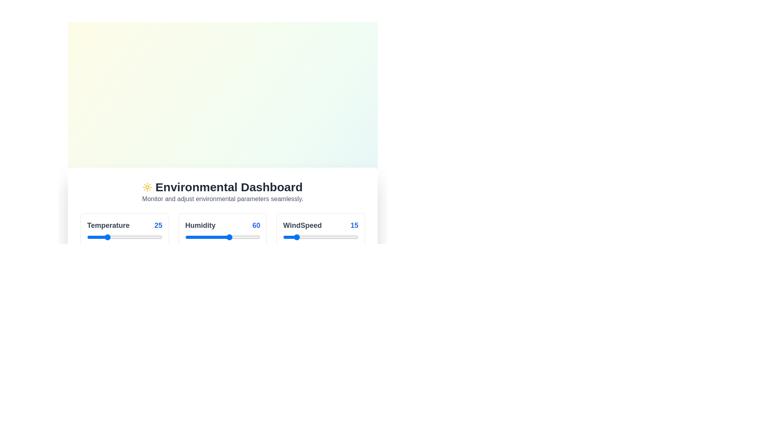 This screenshot has width=757, height=425. I want to click on the temperature, so click(139, 237).